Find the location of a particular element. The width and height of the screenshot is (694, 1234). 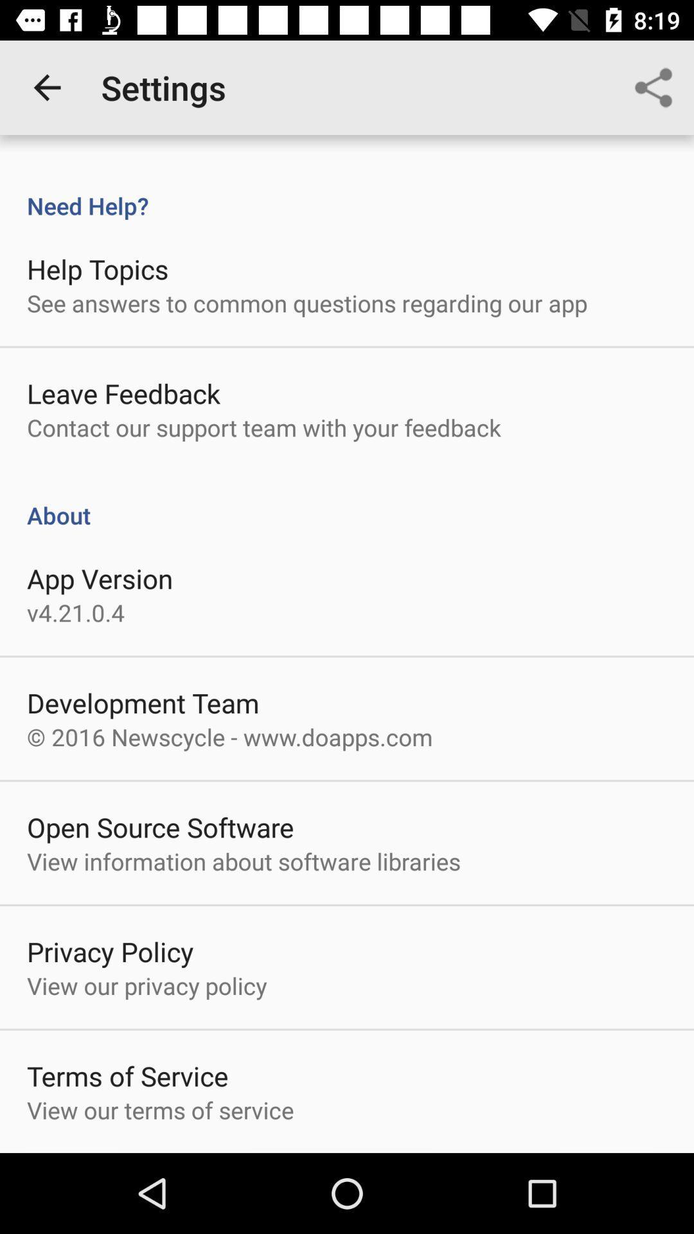

help topics item is located at coordinates (97, 268).